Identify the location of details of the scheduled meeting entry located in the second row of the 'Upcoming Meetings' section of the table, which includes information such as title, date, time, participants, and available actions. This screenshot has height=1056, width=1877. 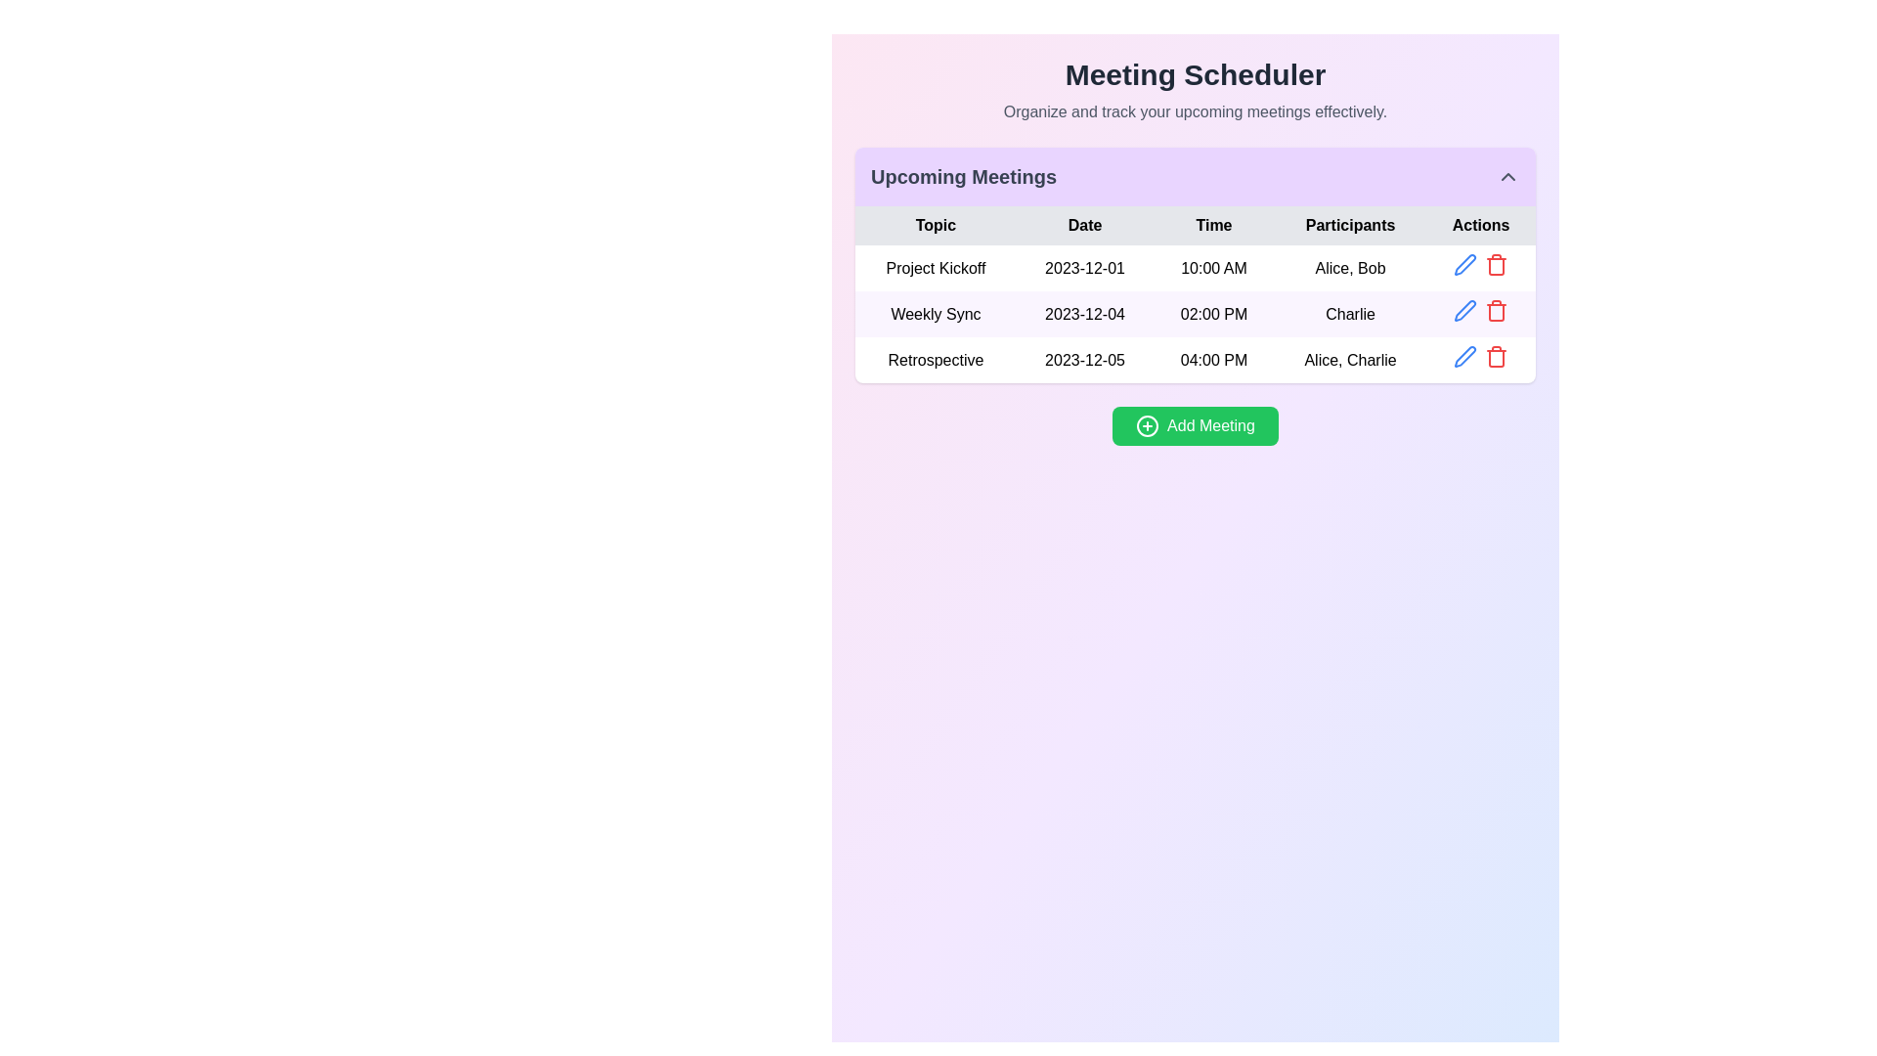
(1195, 312).